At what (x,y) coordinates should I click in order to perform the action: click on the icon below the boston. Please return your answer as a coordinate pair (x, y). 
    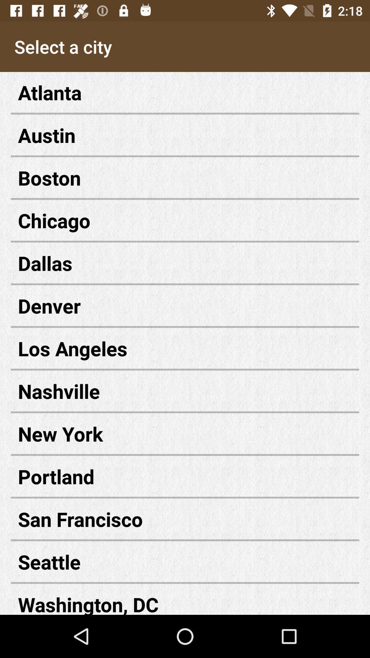
    Looking at the image, I should click on (185, 220).